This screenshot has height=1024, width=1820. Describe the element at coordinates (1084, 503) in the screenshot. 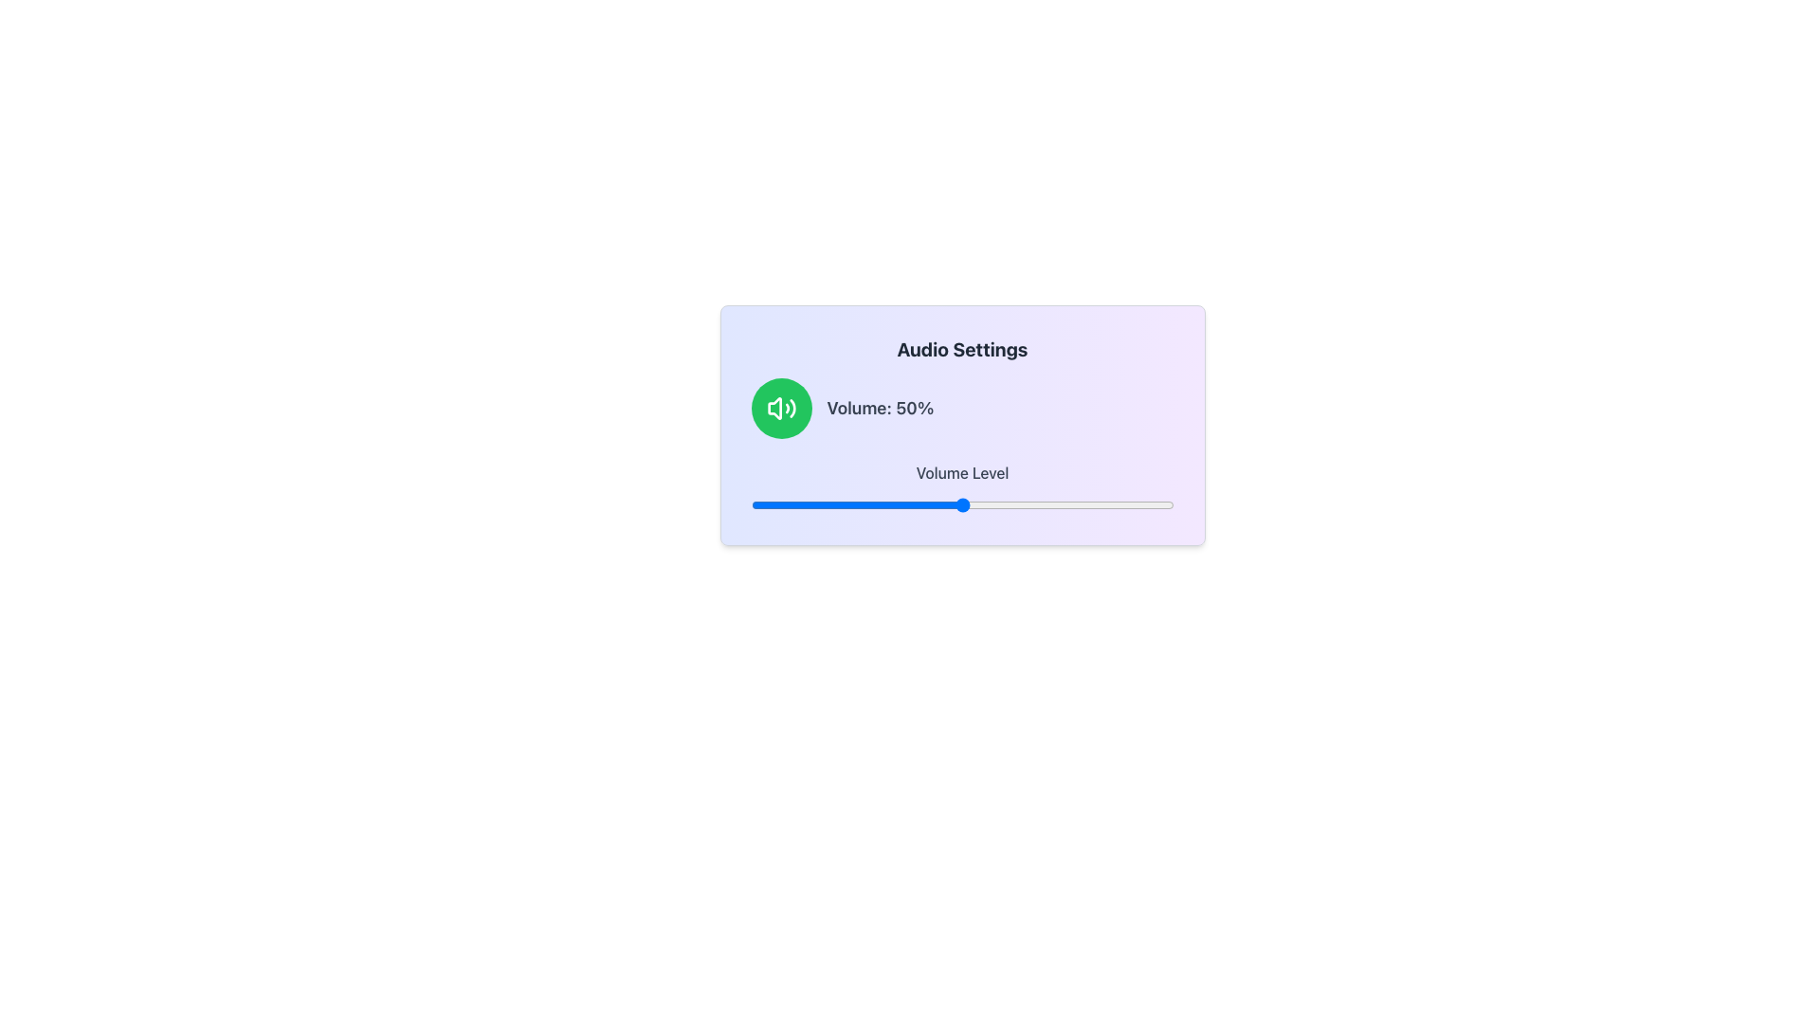

I see `volume level` at that location.